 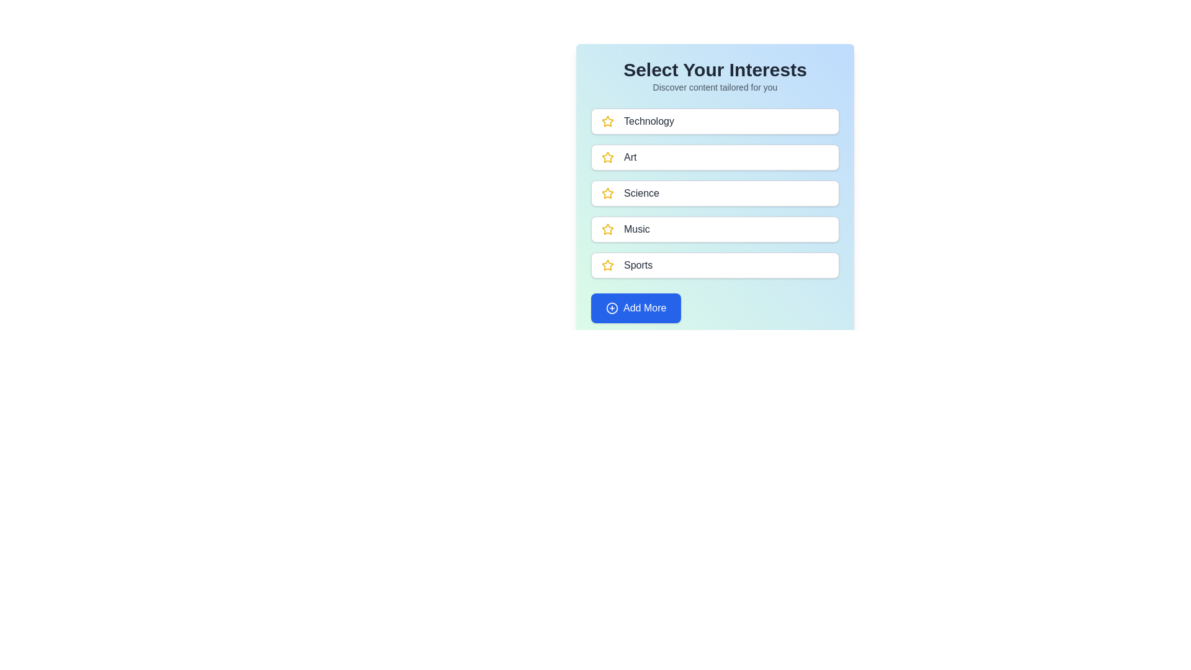 I want to click on the button corresponding to Art to select the interest, so click(x=715, y=157).